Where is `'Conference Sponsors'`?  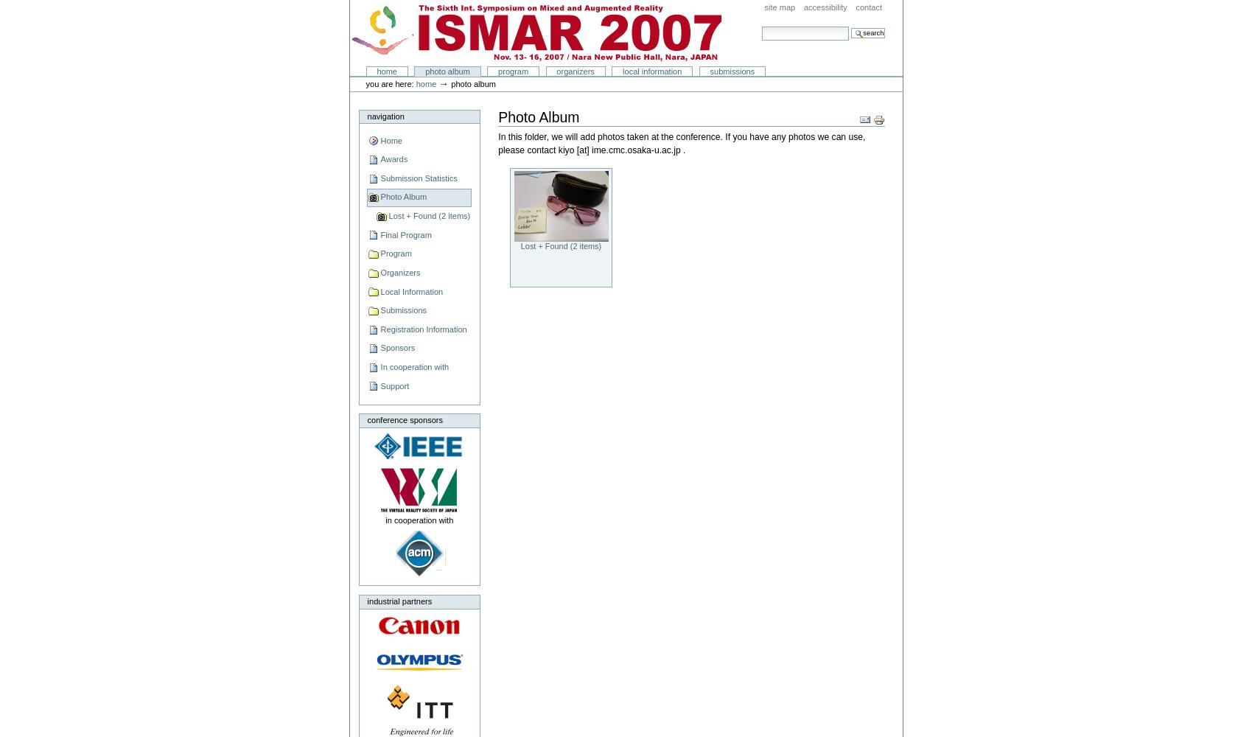
'Conference Sponsors' is located at coordinates (403, 419).